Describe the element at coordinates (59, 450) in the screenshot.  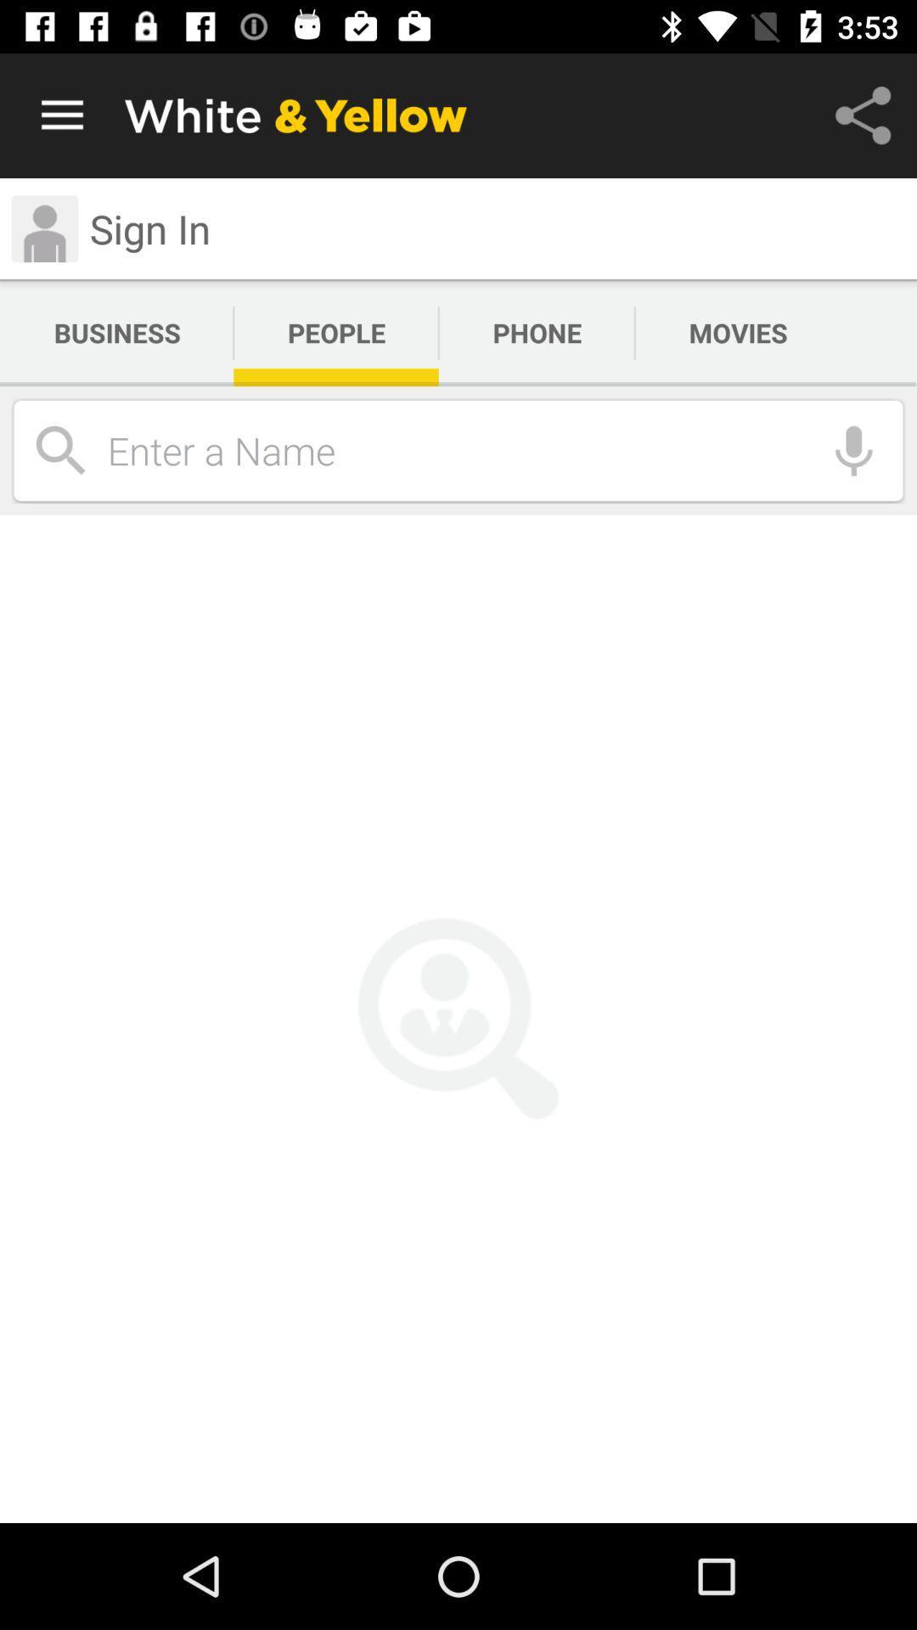
I see `the search icon` at that location.